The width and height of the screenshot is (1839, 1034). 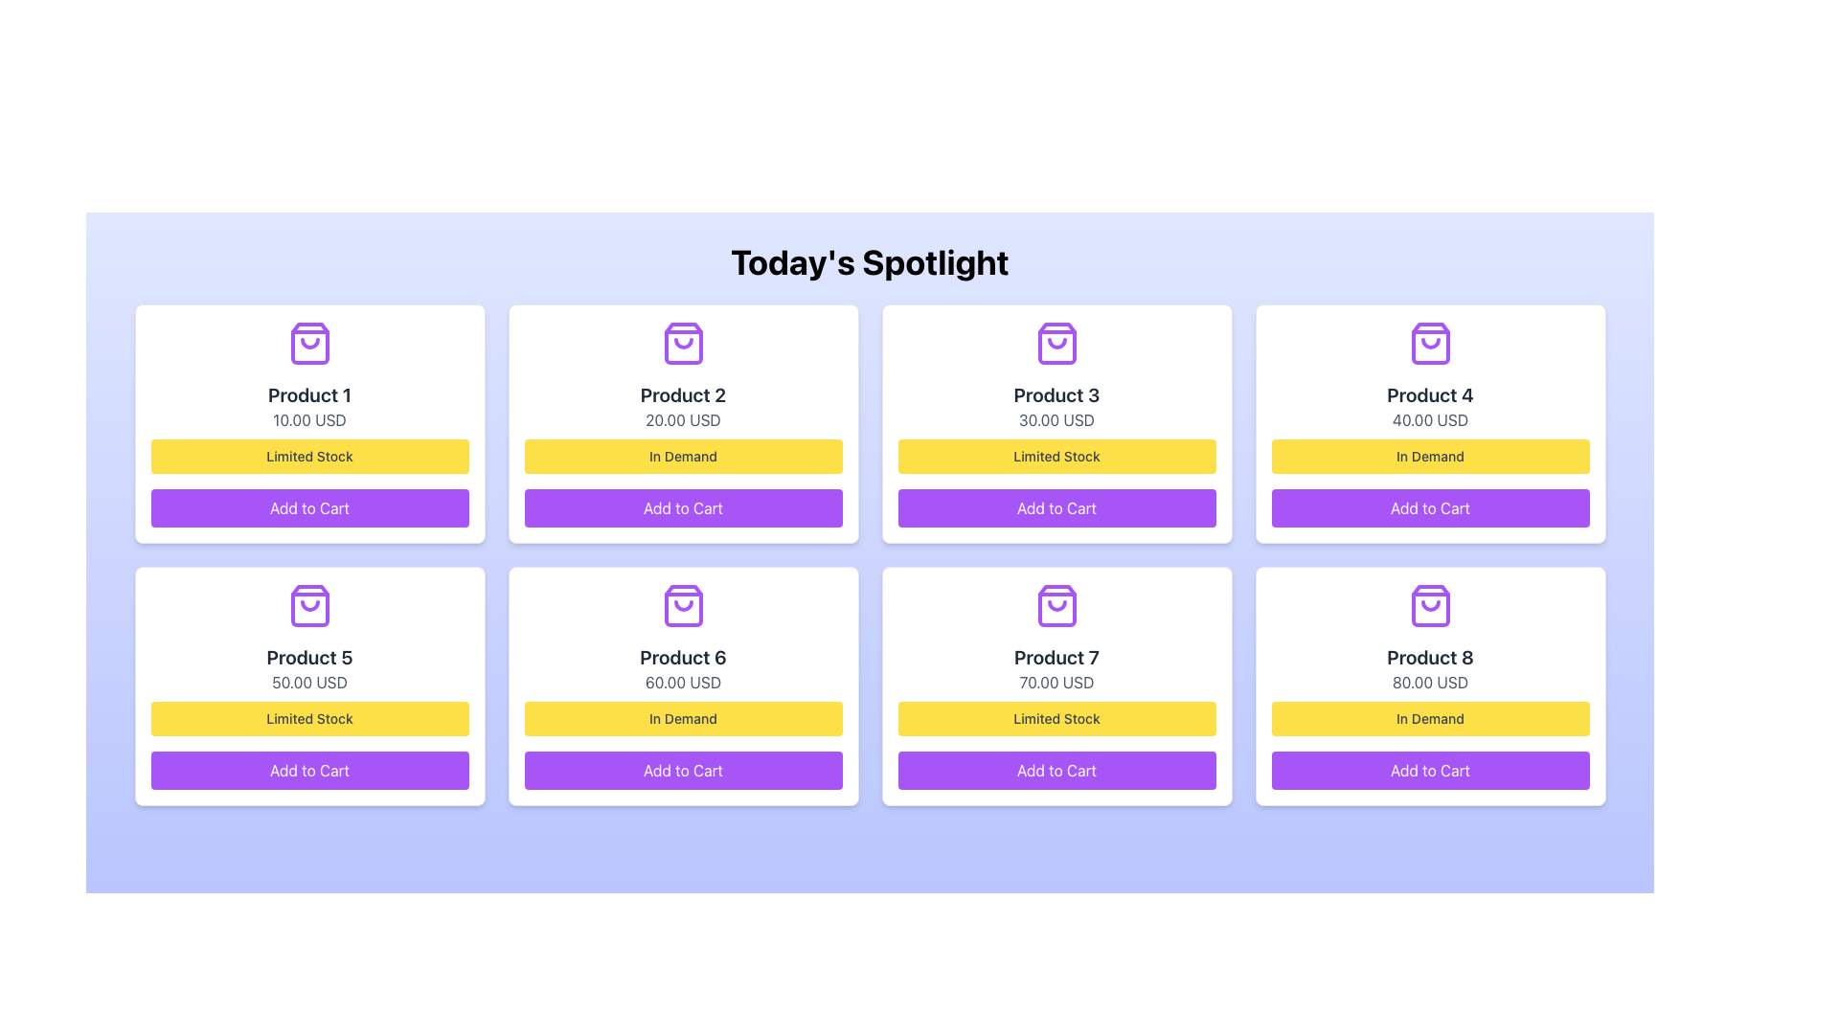 What do you see at coordinates (309, 419) in the screenshot?
I see `the static text label displaying the price '10.00 USD' located underneath the product name in the product card labeled 'Product 1'` at bounding box center [309, 419].